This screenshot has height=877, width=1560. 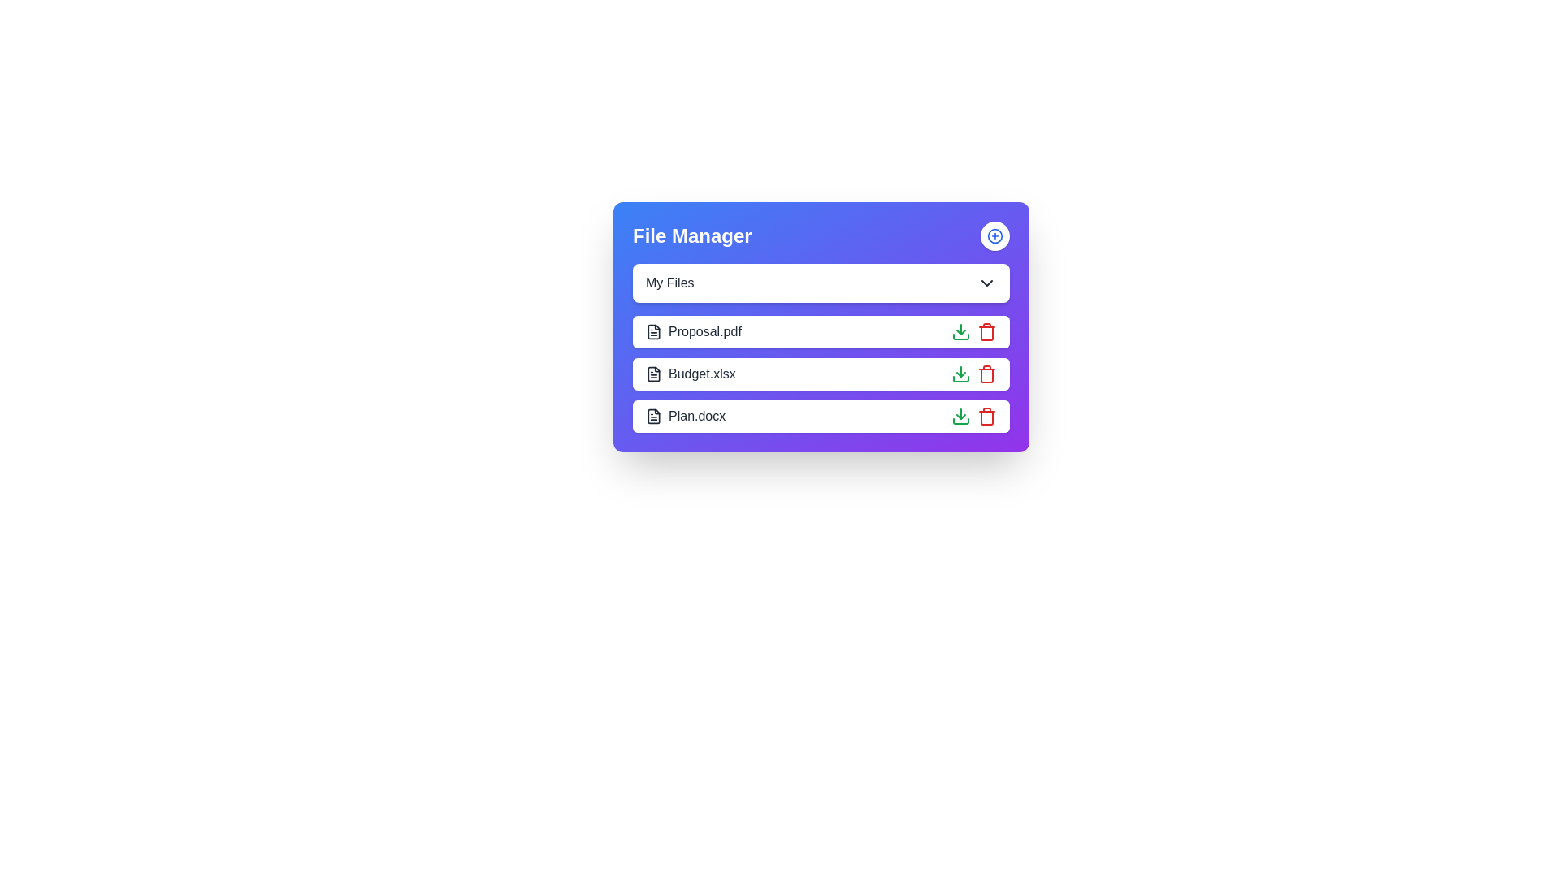 What do you see at coordinates (821, 374) in the screenshot?
I see `the file entry item titled 'Budget.xlsx'` at bounding box center [821, 374].